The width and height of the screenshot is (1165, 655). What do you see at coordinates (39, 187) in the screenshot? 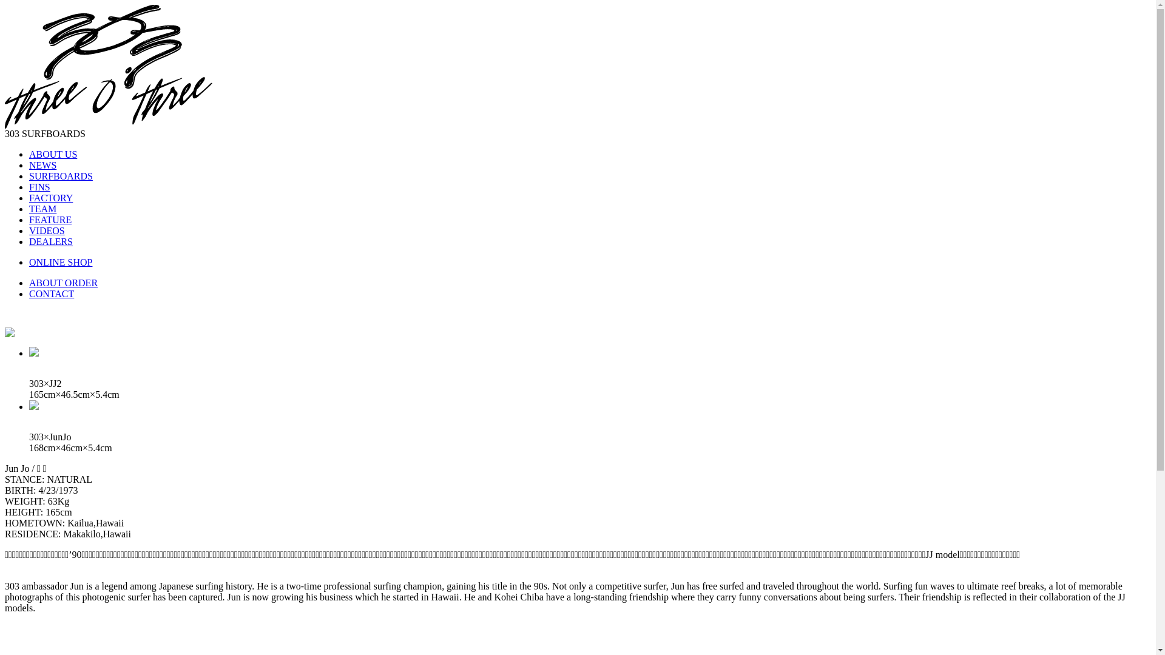
I see `'FINS'` at bounding box center [39, 187].